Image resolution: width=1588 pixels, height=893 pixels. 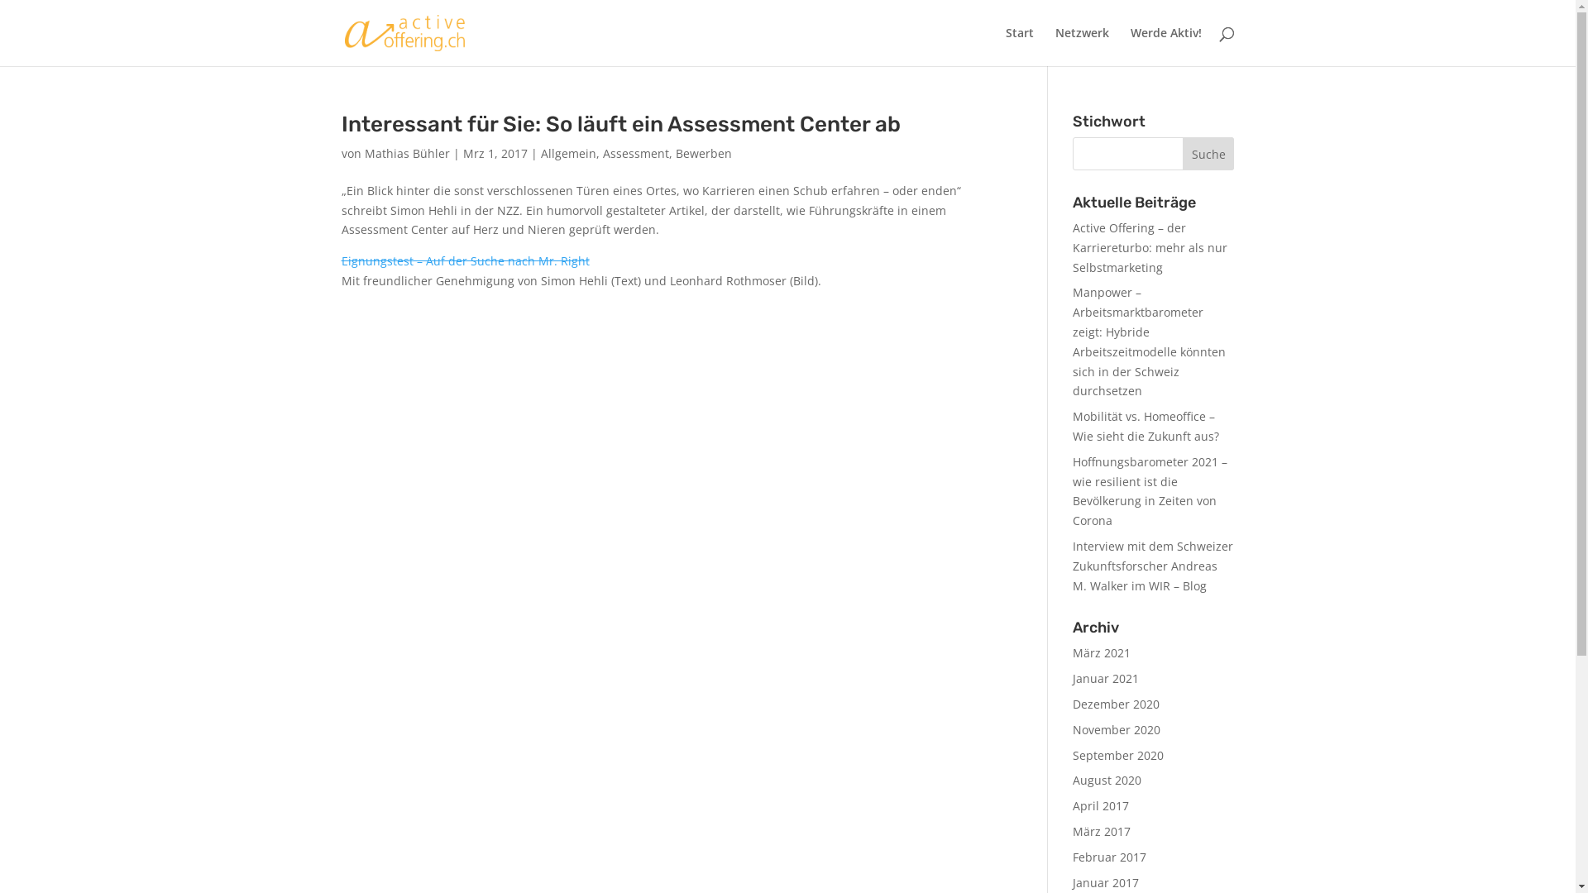 What do you see at coordinates (1118, 755) in the screenshot?
I see `'September 2020'` at bounding box center [1118, 755].